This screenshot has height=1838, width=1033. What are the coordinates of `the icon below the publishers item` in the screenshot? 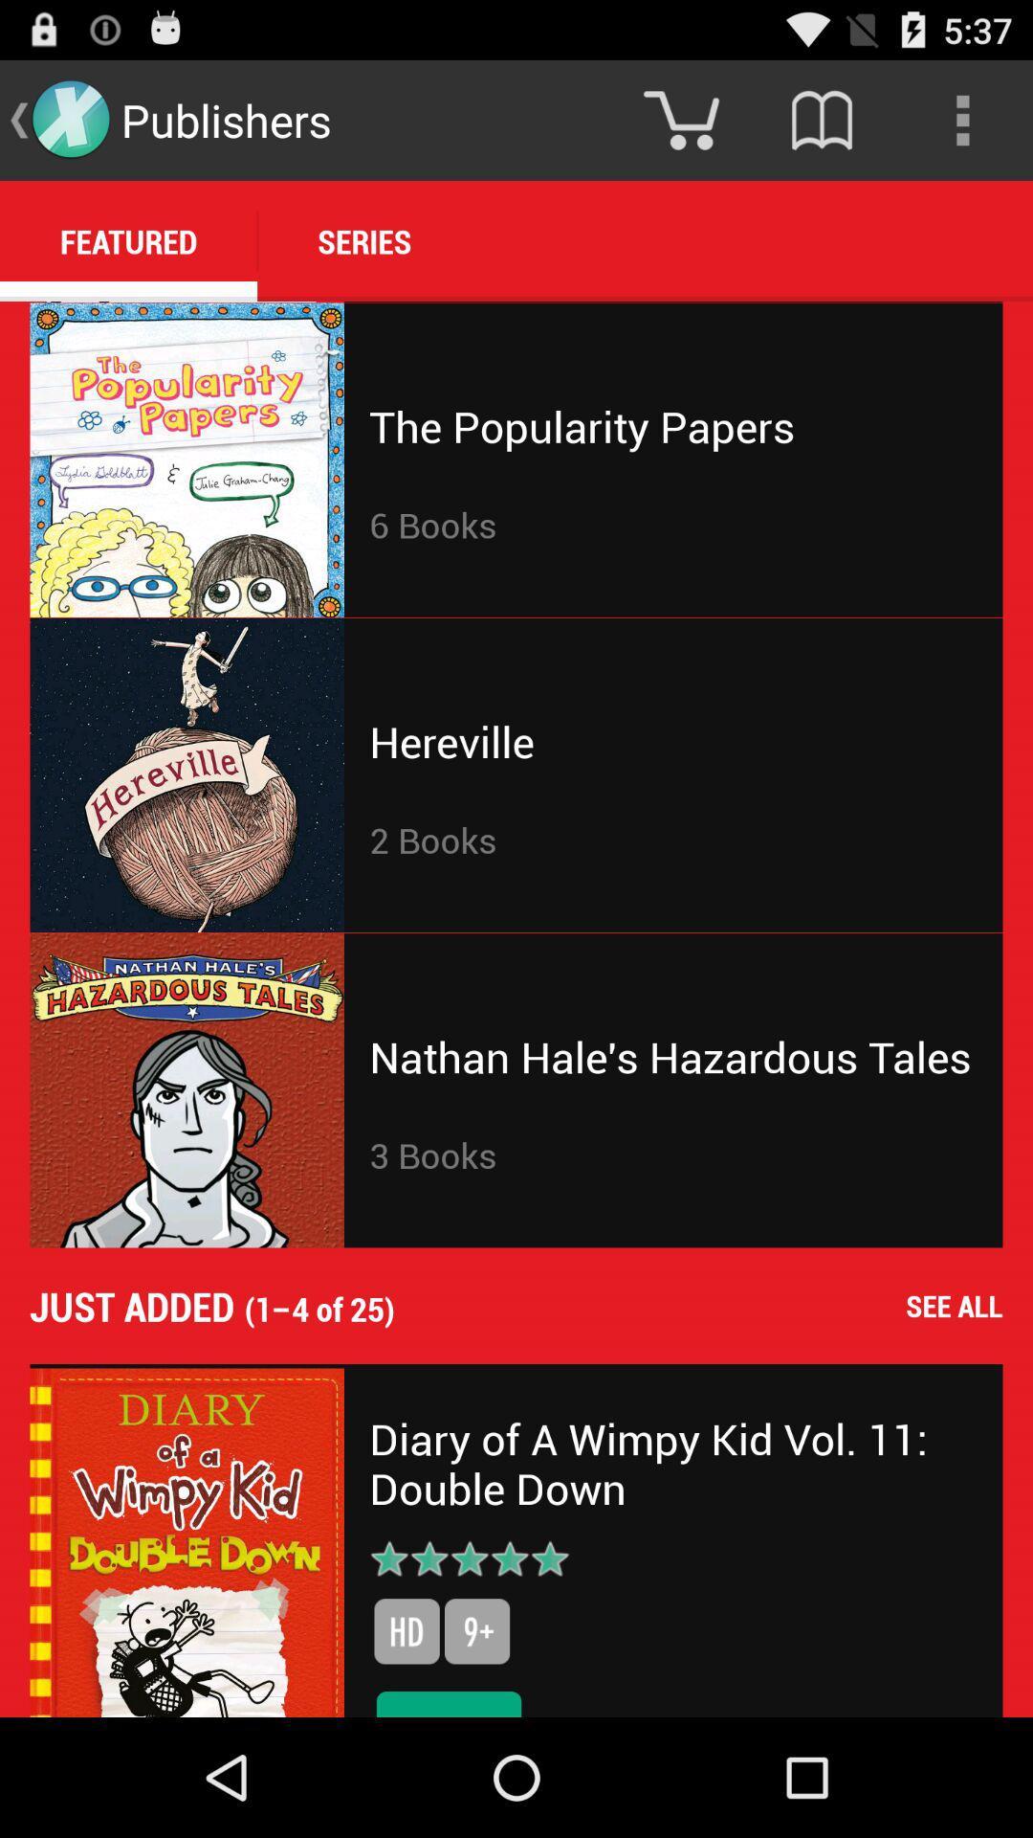 It's located at (364, 240).